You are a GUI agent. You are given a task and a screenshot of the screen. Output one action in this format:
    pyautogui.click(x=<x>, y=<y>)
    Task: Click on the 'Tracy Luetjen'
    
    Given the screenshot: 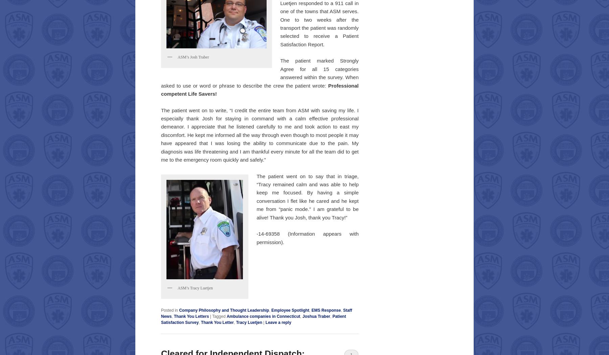 What is the action you would take?
    pyautogui.click(x=249, y=322)
    